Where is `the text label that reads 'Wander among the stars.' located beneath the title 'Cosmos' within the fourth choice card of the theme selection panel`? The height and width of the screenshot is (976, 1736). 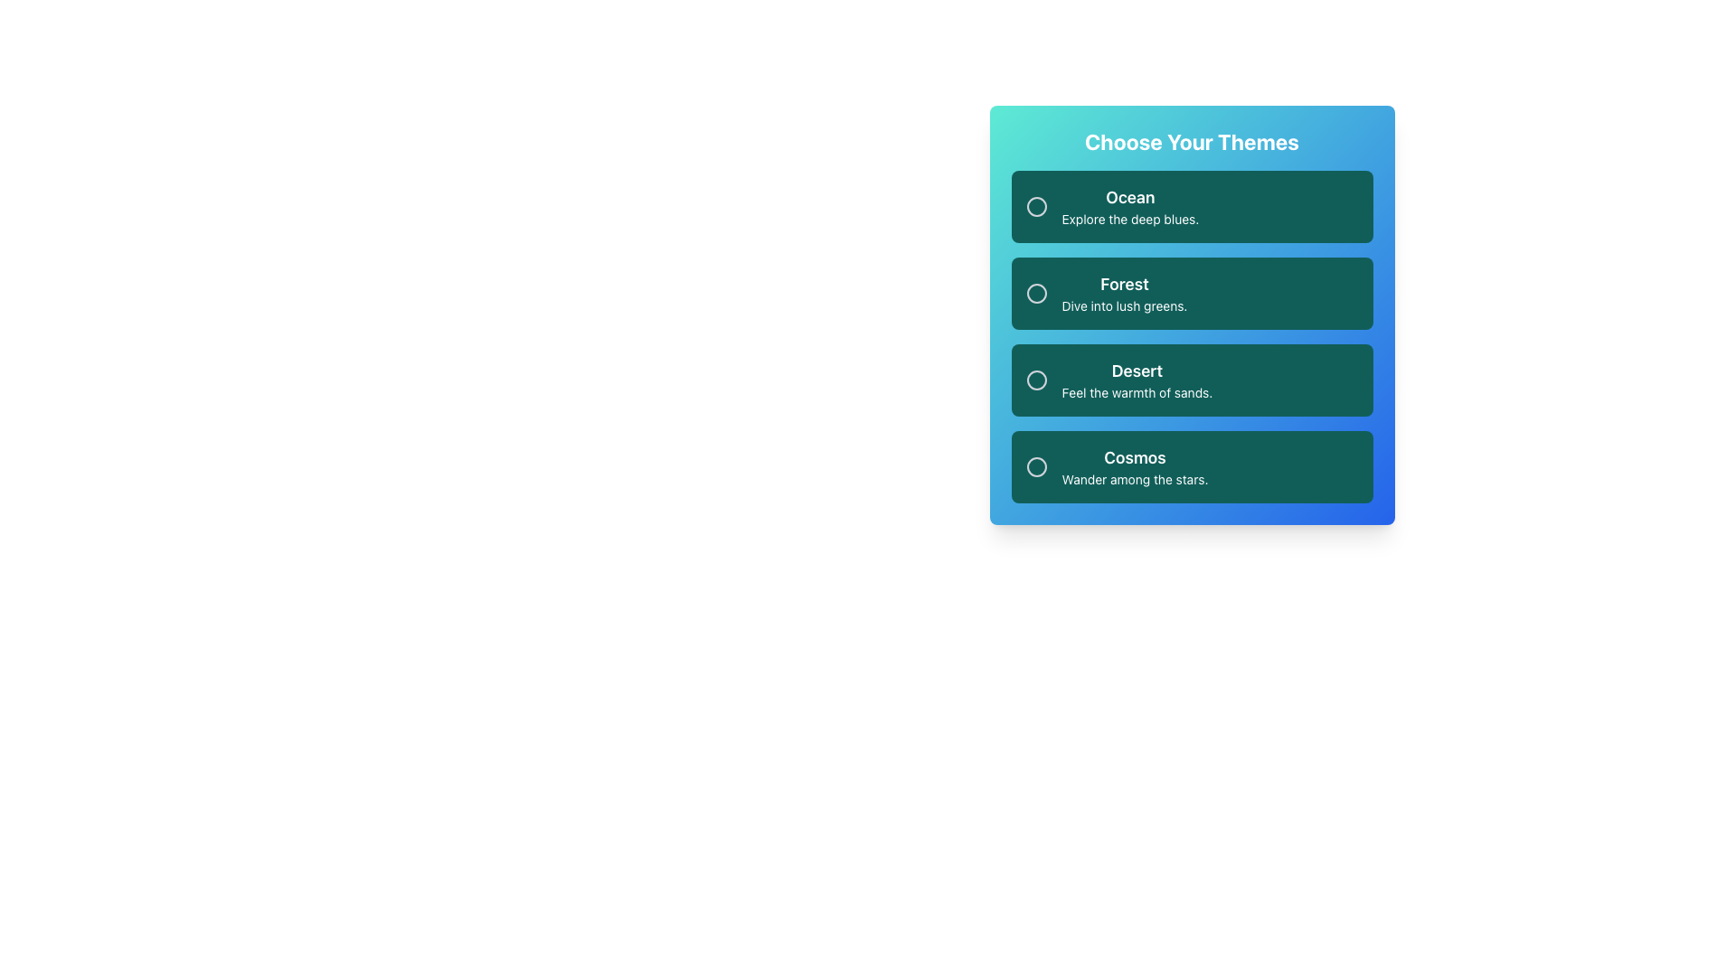
the text label that reads 'Wander among the stars.' located beneath the title 'Cosmos' within the fourth choice card of the theme selection panel is located at coordinates (1134, 479).